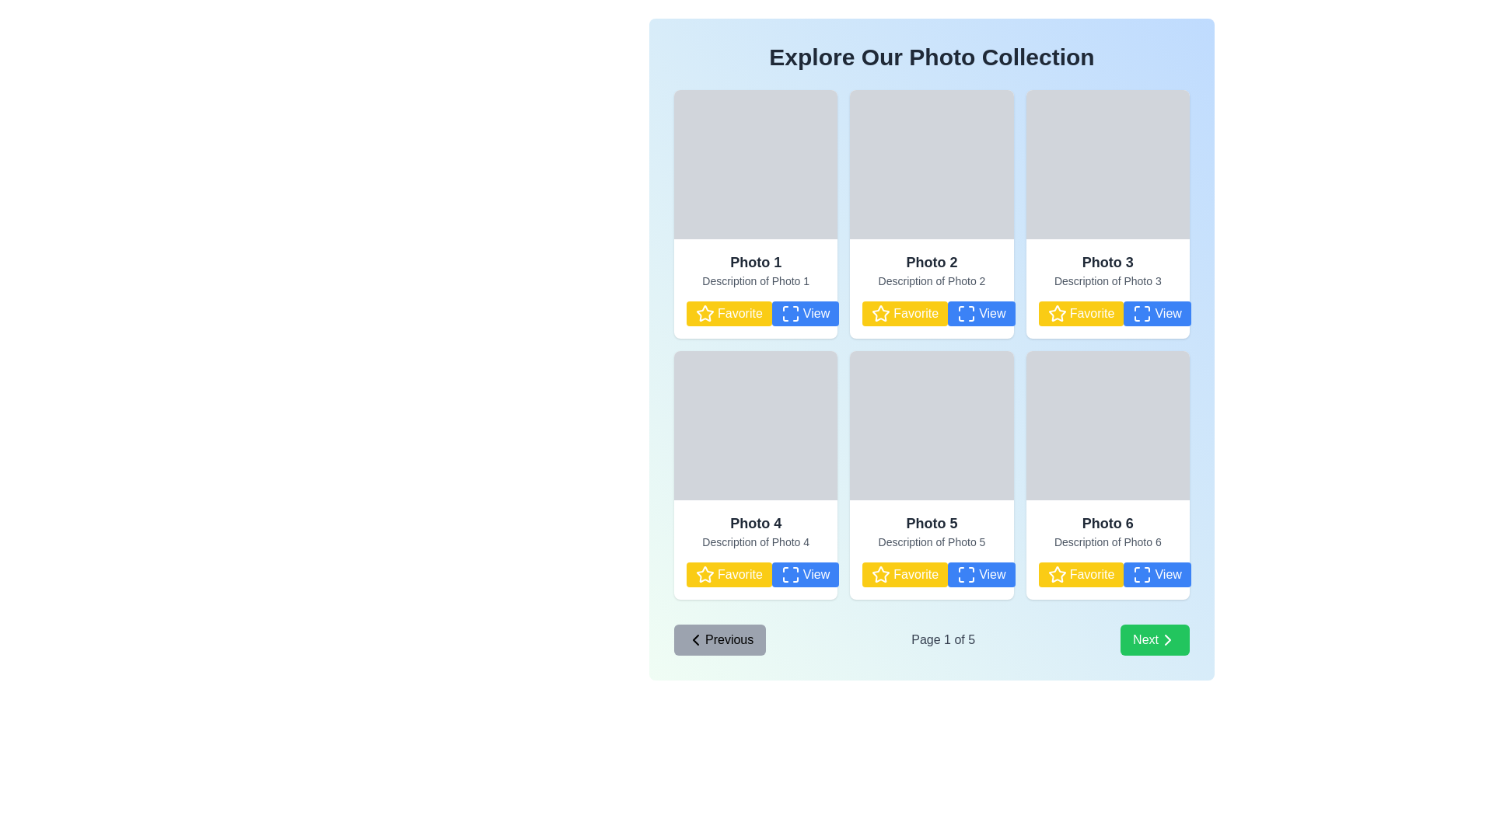  What do you see at coordinates (932, 575) in the screenshot?
I see `the 'Favorite' button with a yellow background and white text, which has a star icon on the left, located within the 'Photo 5' card` at bounding box center [932, 575].